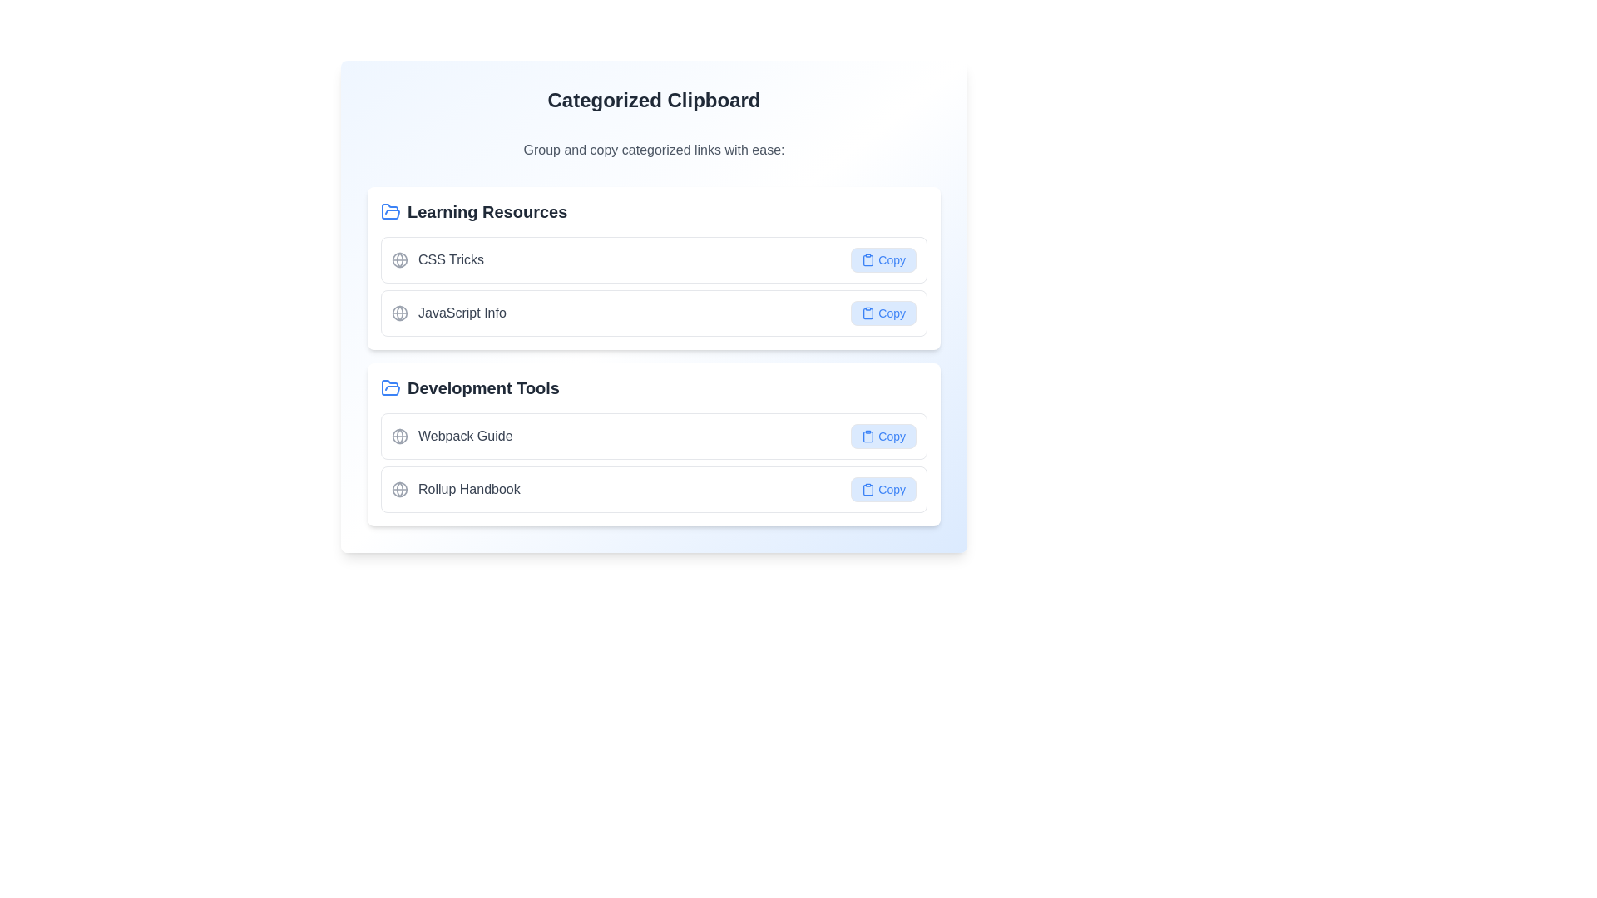 The height and width of the screenshot is (898, 1597). What do you see at coordinates (399, 313) in the screenshot?
I see `the decorative circle representing a 'globe' within the SVG illustration located on the left side of the 'JavaScript Info' listing under 'Learning Resources'` at bounding box center [399, 313].